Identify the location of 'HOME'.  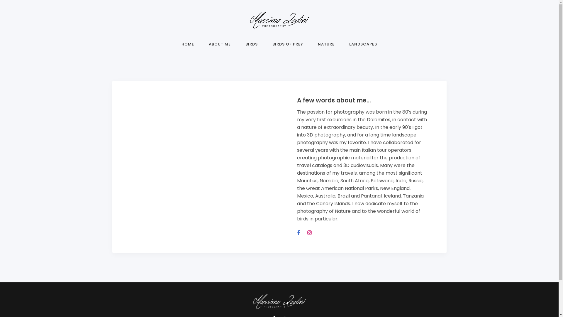
(188, 45).